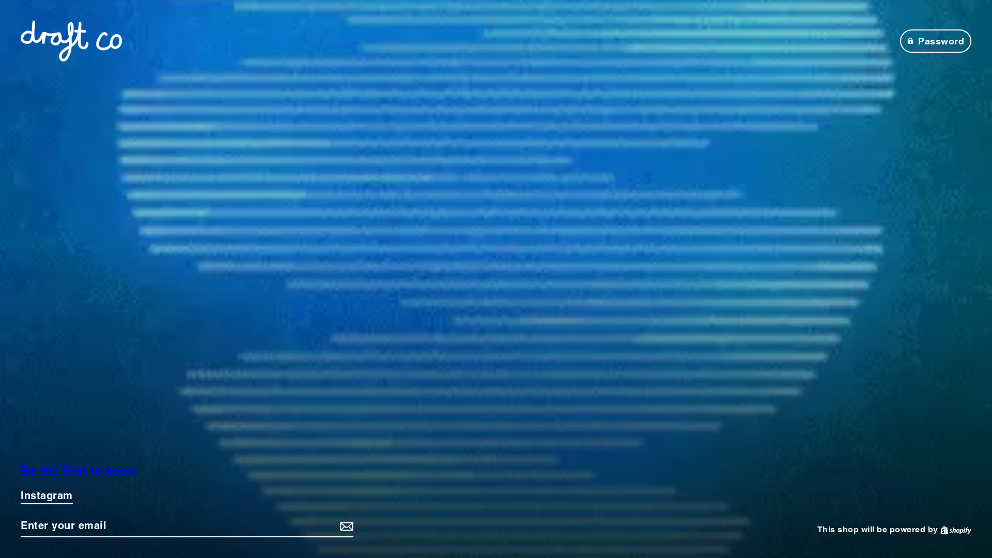  What do you see at coordinates (20, 495) in the screenshot?
I see `'Instagram'` at bounding box center [20, 495].